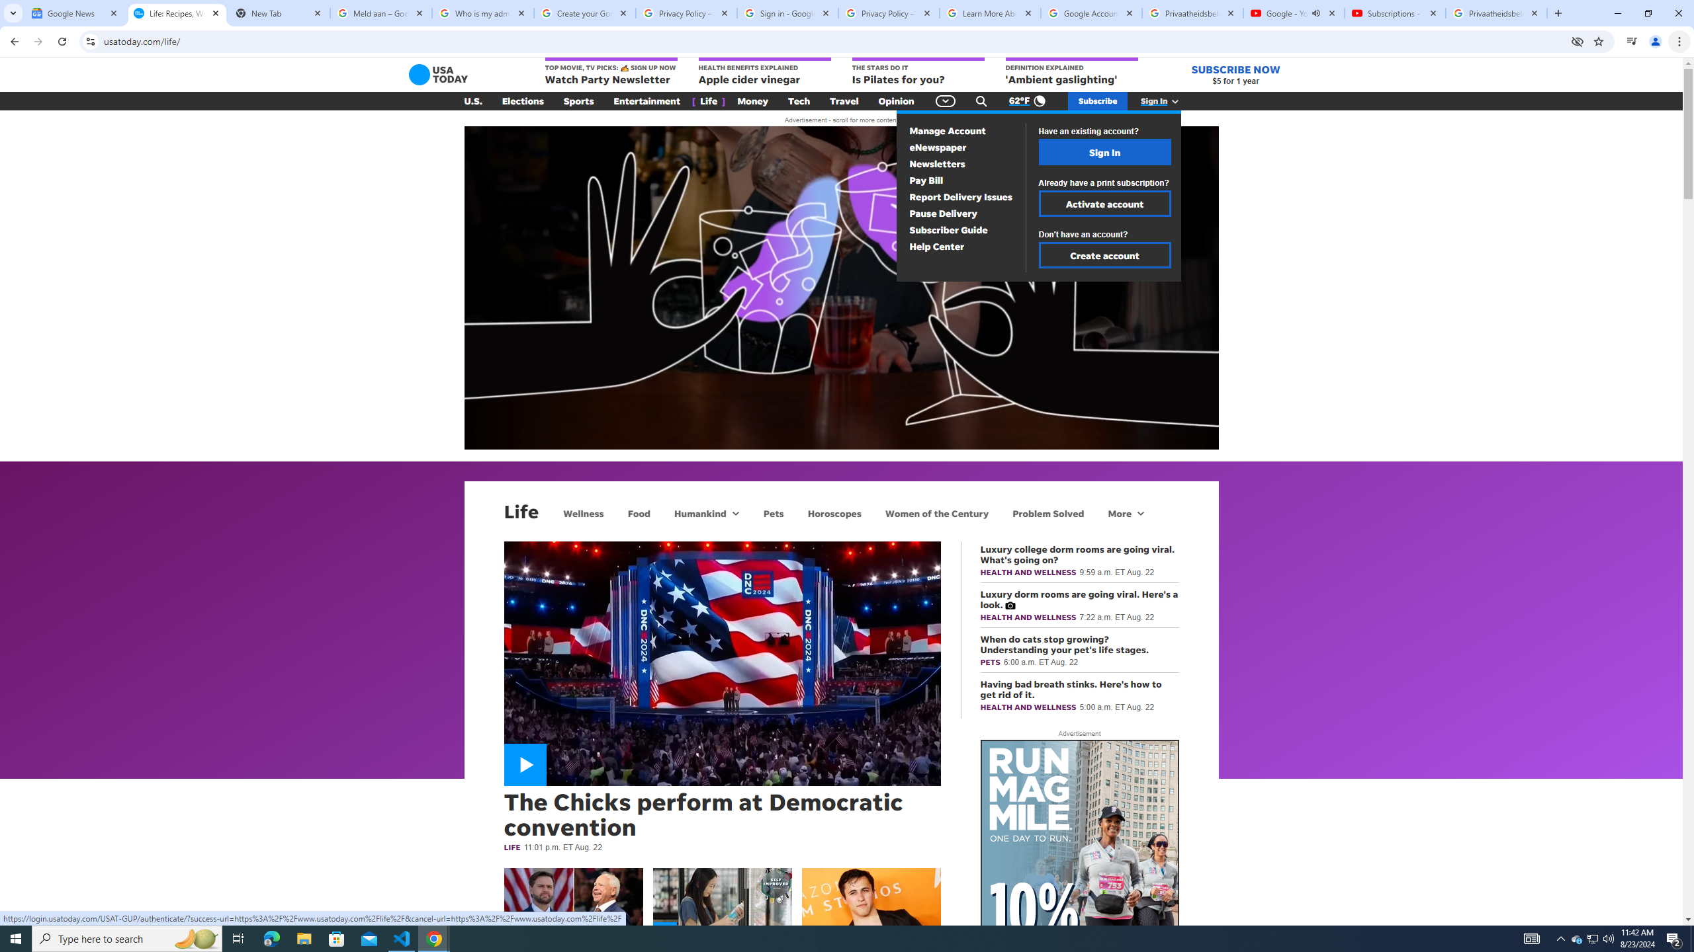  Describe the element at coordinates (1048, 512) in the screenshot. I see `'Problem Solved'` at that location.